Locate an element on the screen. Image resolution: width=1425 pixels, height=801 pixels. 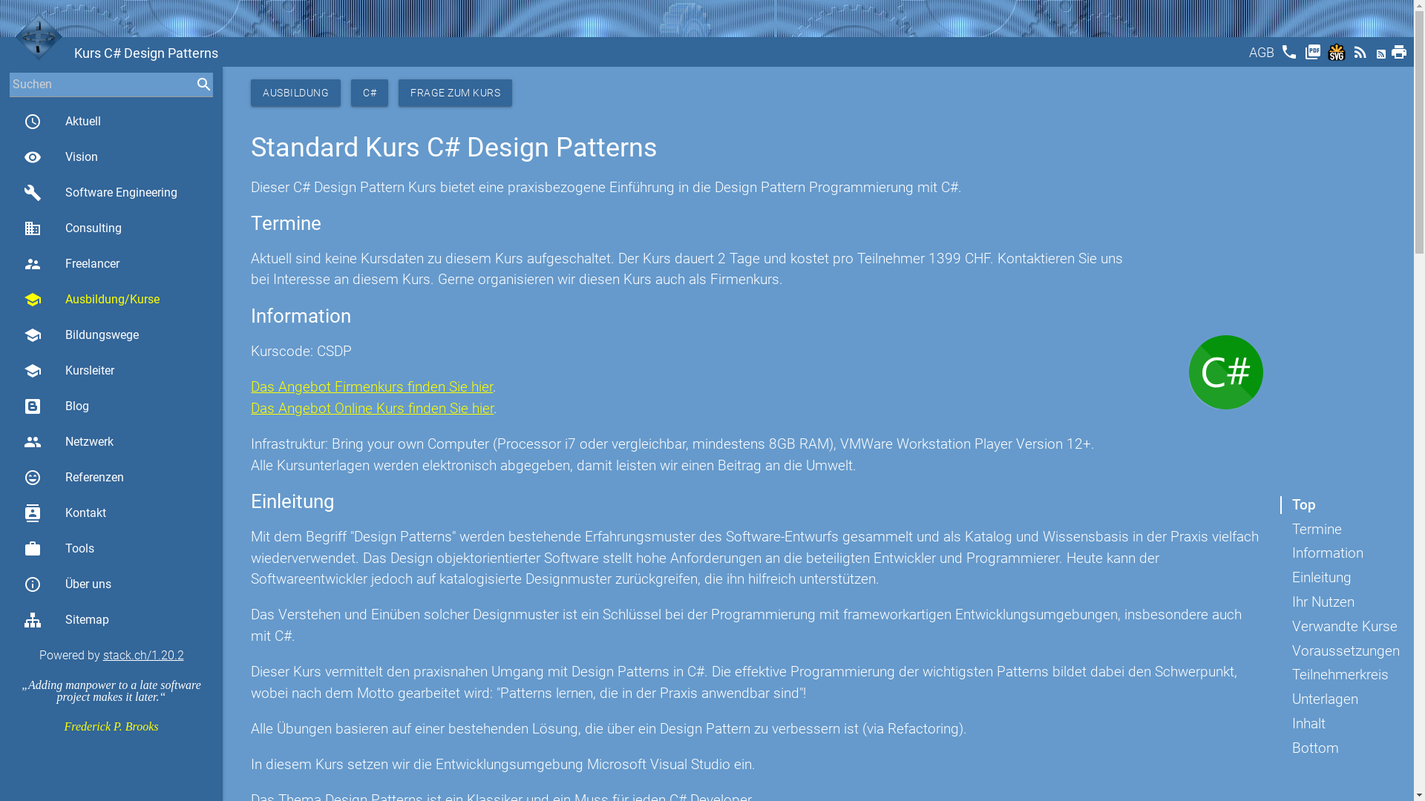
'AUSBILDUNG' is located at coordinates (295, 92).